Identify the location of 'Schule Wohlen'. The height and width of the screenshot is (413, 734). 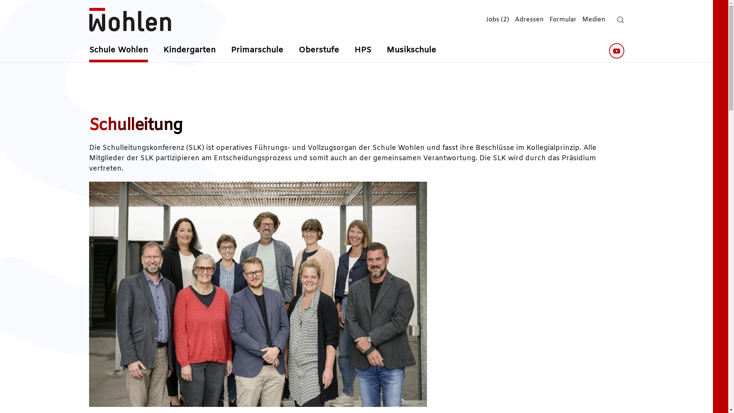
(117, 50).